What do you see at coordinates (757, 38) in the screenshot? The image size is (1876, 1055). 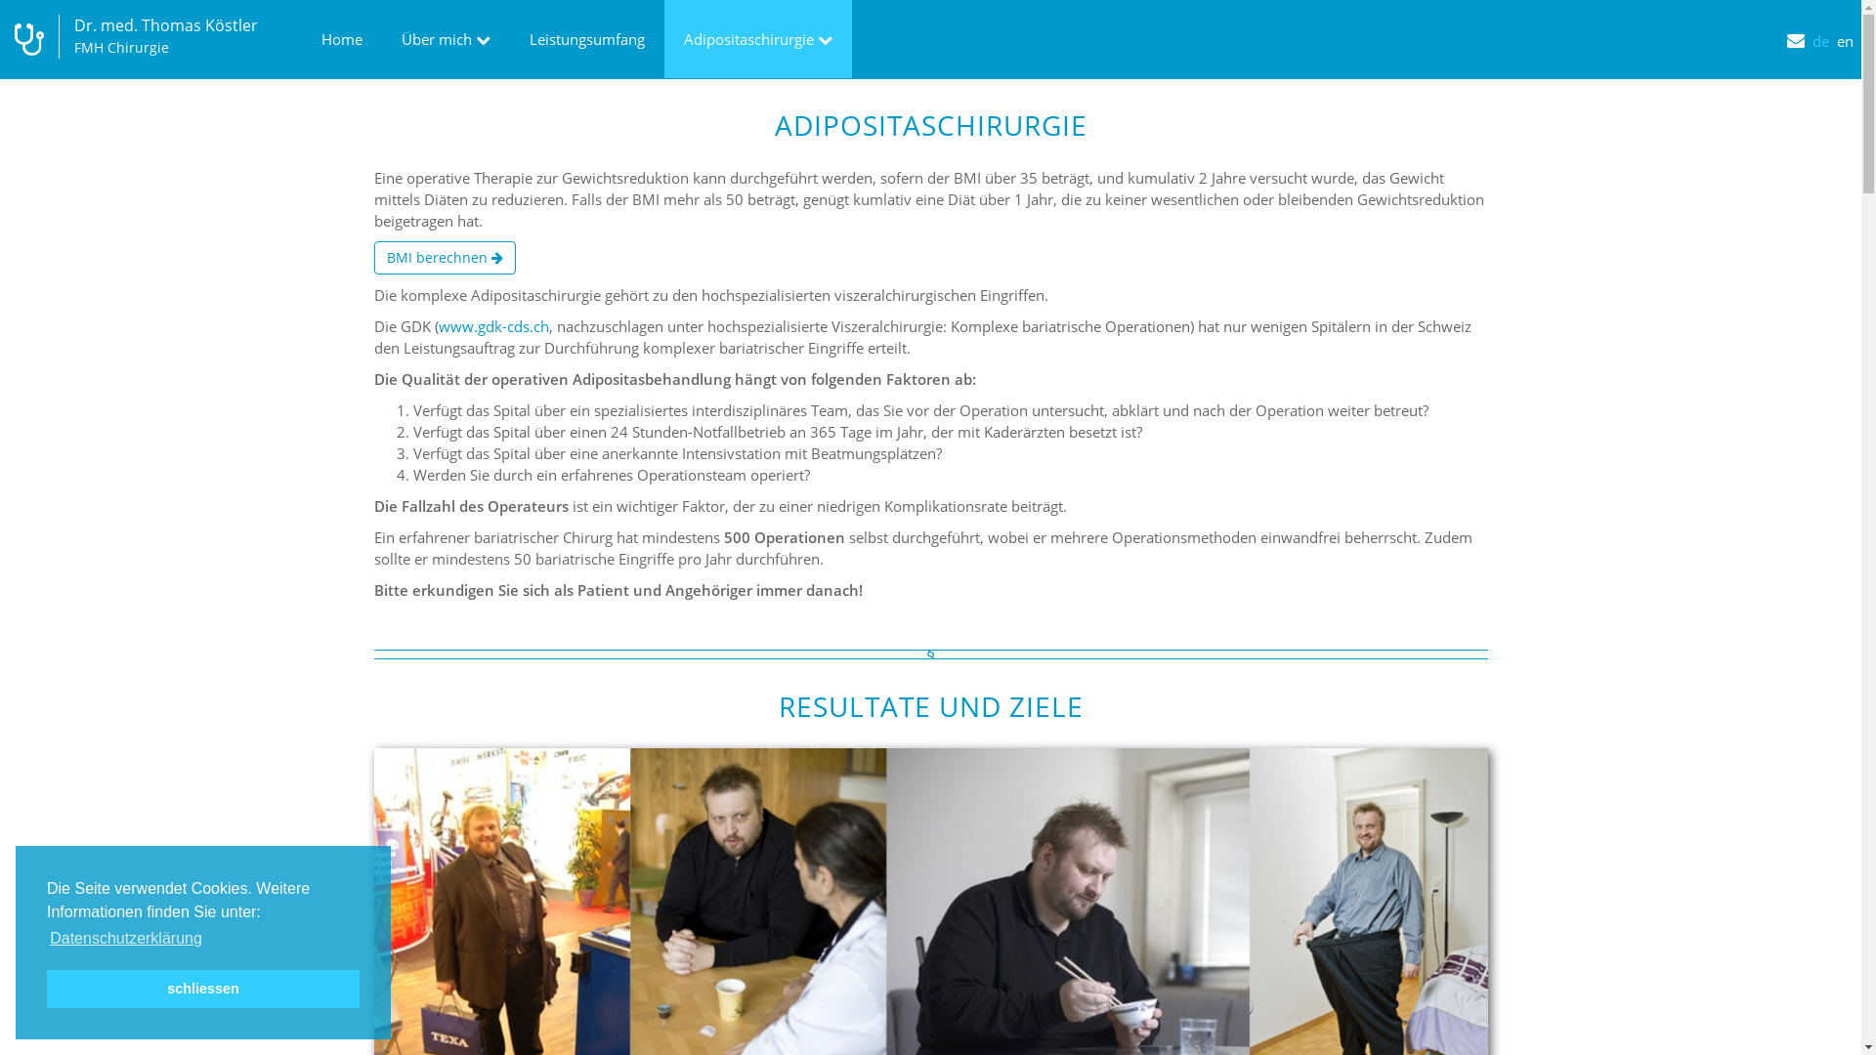 I see `'Adipositaschirurgie'` at bounding box center [757, 38].